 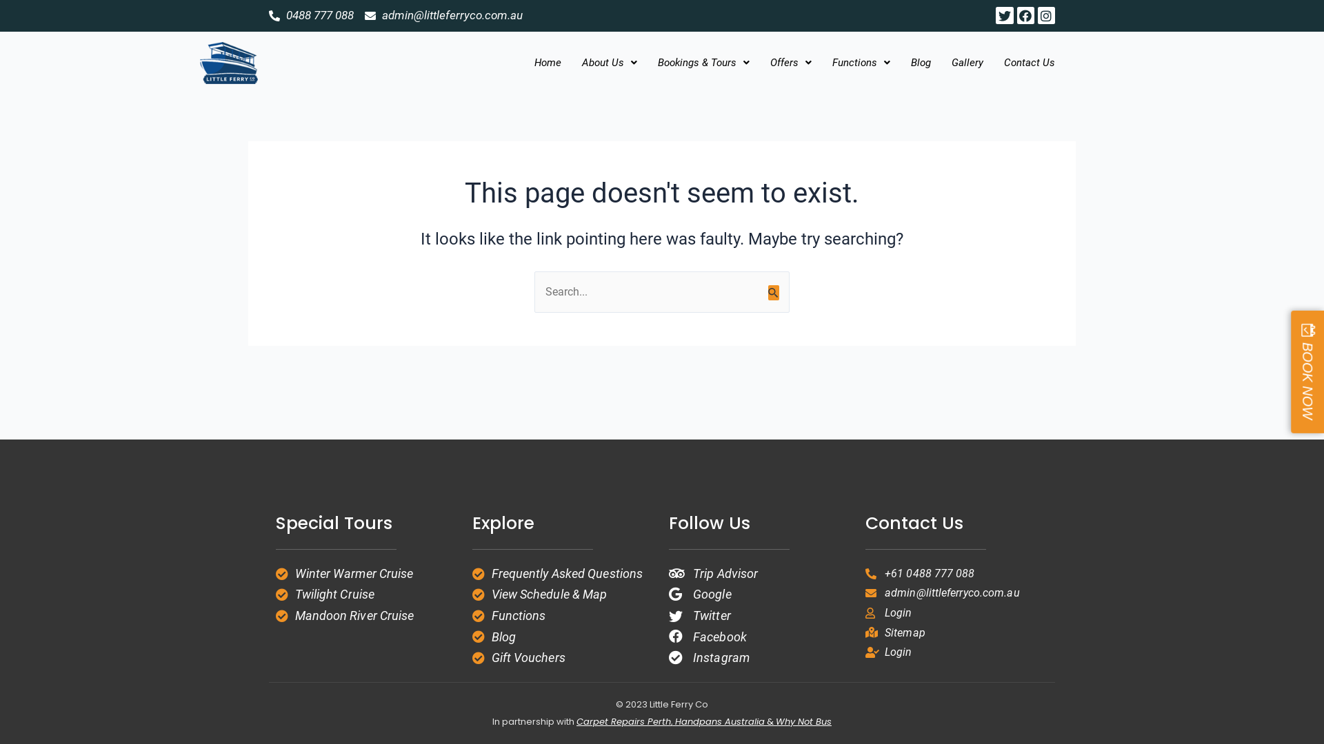 I want to click on 'Twilight Cruise', so click(x=367, y=594).